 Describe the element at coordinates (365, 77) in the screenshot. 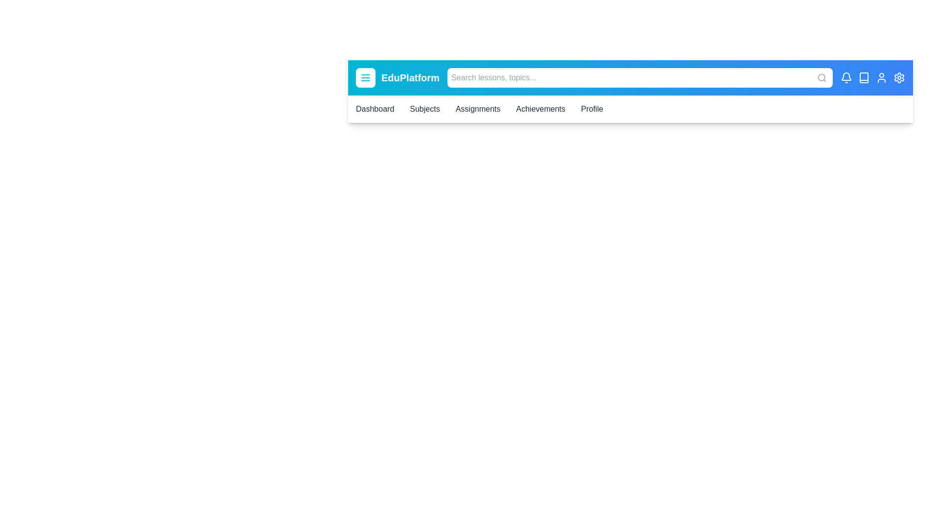

I see `the element menu_button to reveal its hover effect` at that location.